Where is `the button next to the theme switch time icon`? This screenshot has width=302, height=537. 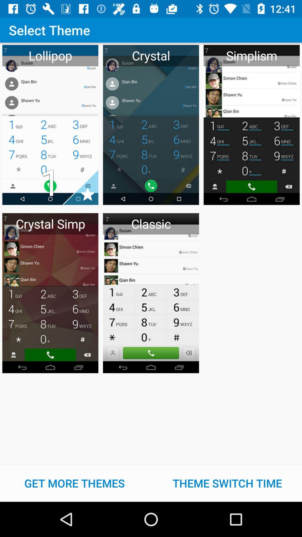
the button next to the theme switch time icon is located at coordinates (74, 483).